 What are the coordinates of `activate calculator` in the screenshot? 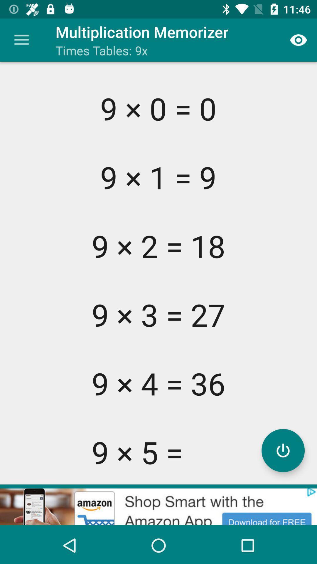 It's located at (283, 450).